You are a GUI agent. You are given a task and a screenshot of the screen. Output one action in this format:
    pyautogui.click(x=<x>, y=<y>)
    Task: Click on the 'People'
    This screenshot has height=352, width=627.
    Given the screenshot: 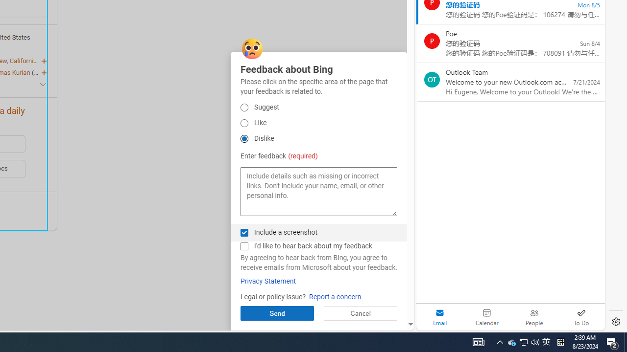 What is the action you would take?
    pyautogui.click(x=533, y=317)
    